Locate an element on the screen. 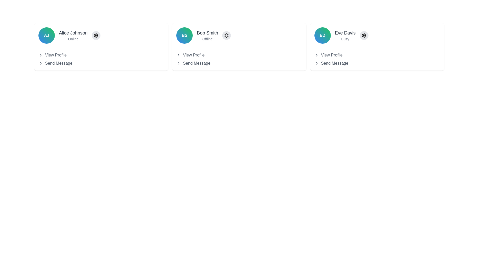 Image resolution: width=492 pixels, height=276 pixels. the icon located to the left of the 'View Profile' text in the 'Eve Davis' user card is located at coordinates (316, 55).